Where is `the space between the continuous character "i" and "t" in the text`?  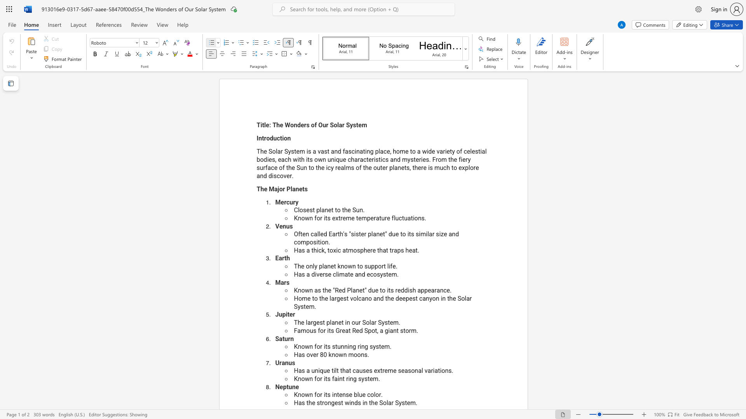 the space between the continuous character "i" and "t" in the text is located at coordinates (325, 218).